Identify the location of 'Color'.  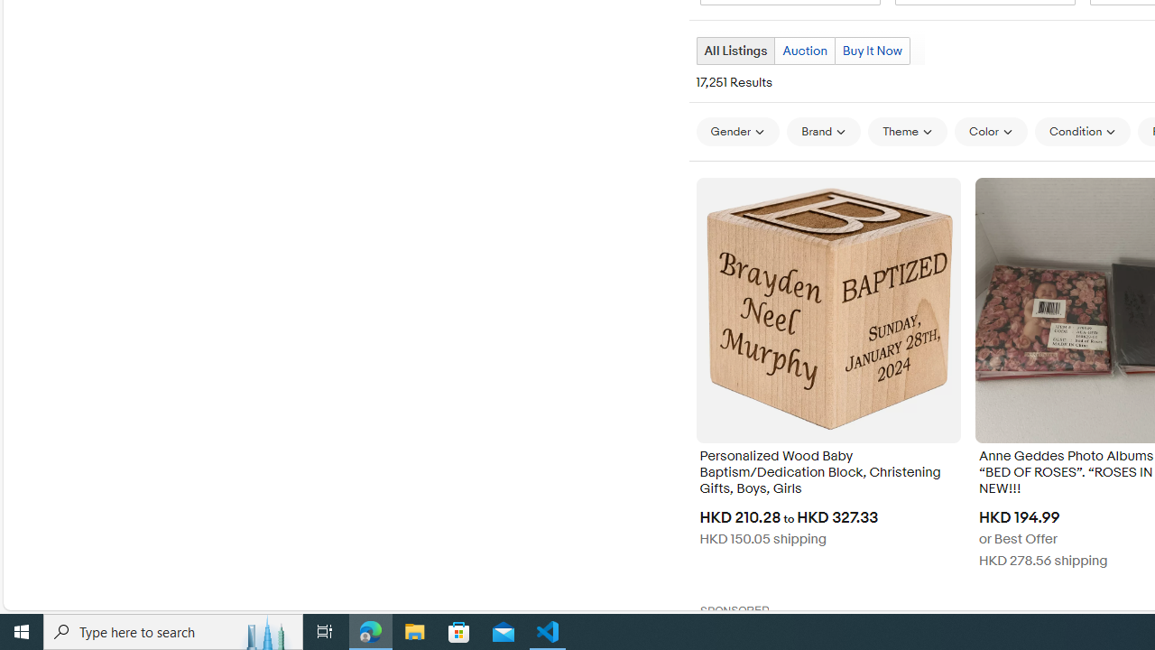
(990, 131).